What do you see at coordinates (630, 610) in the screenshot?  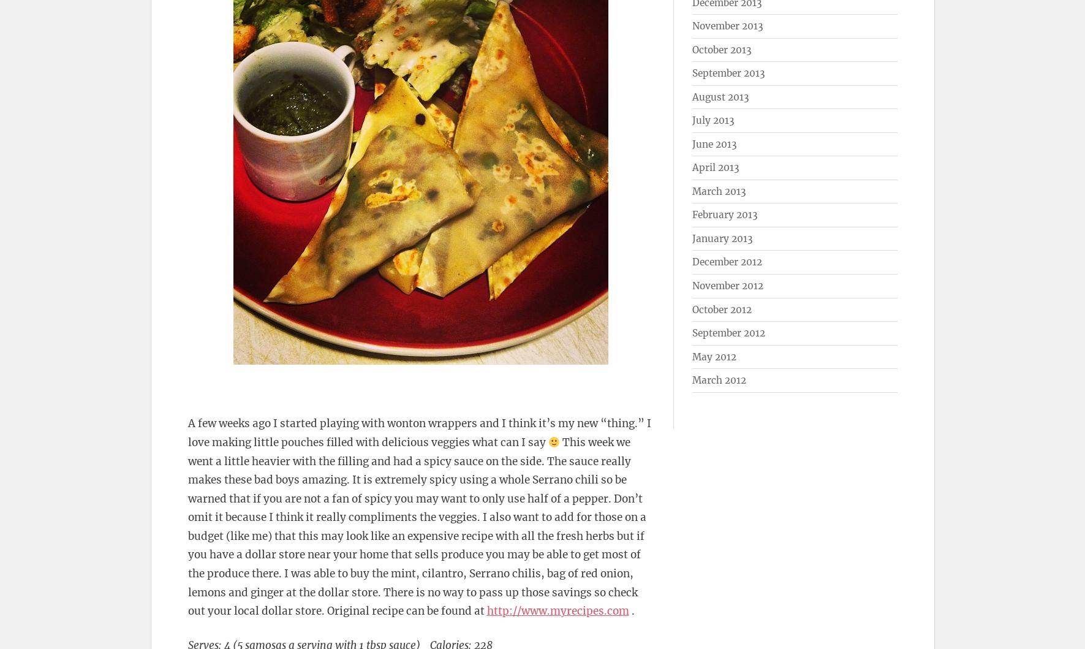 I see `'.'` at bounding box center [630, 610].